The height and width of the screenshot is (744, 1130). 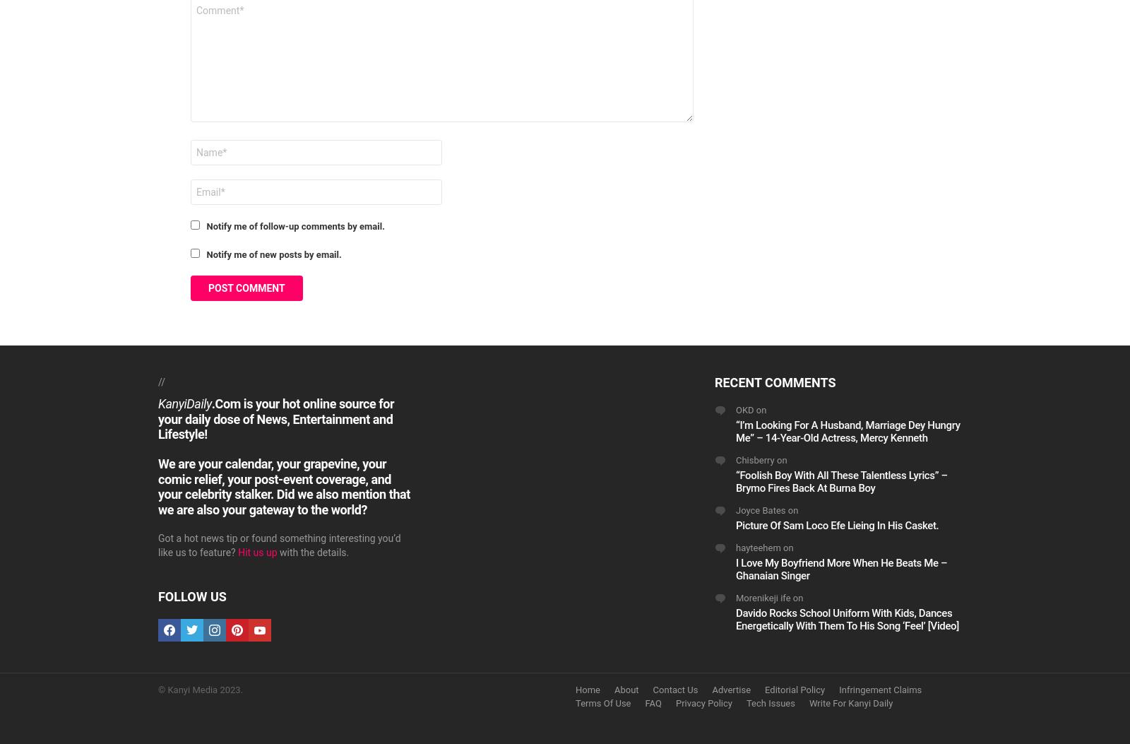 What do you see at coordinates (763, 596) in the screenshot?
I see `'Morenikeji ife'` at bounding box center [763, 596].